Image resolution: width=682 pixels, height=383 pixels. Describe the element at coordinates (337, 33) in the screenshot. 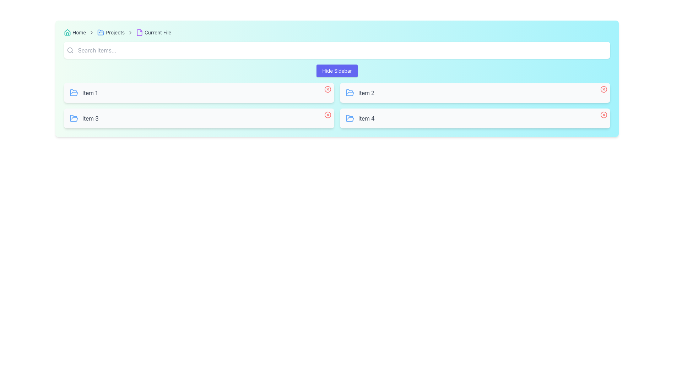

I see `the Breadcrumb navigation bar located at the top of the interface, which includes elements like 'Home', 'Projects', and 'Current File'` at that location.